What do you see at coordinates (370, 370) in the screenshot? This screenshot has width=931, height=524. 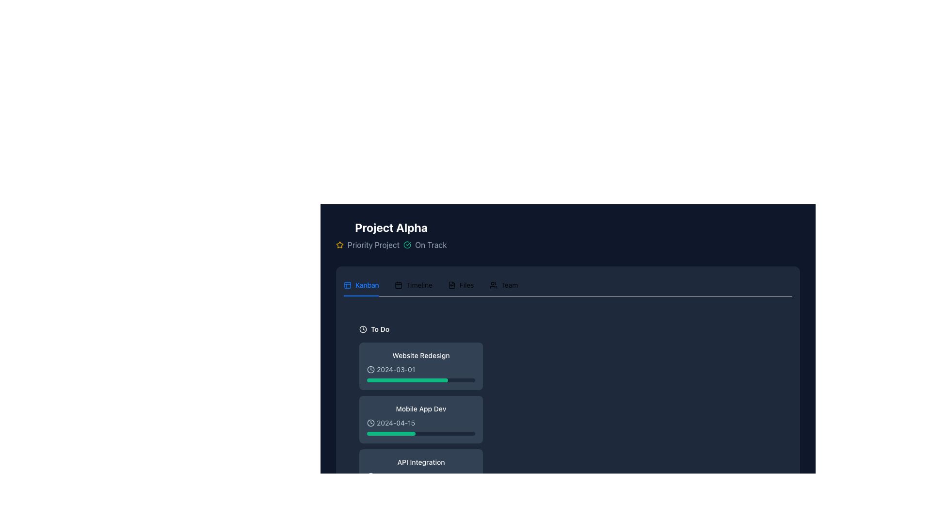 I see `the circular SVG element of the clock icon located in the 'To Do' section, near the date '2024-03-01'` at bounding box center [370, 370].